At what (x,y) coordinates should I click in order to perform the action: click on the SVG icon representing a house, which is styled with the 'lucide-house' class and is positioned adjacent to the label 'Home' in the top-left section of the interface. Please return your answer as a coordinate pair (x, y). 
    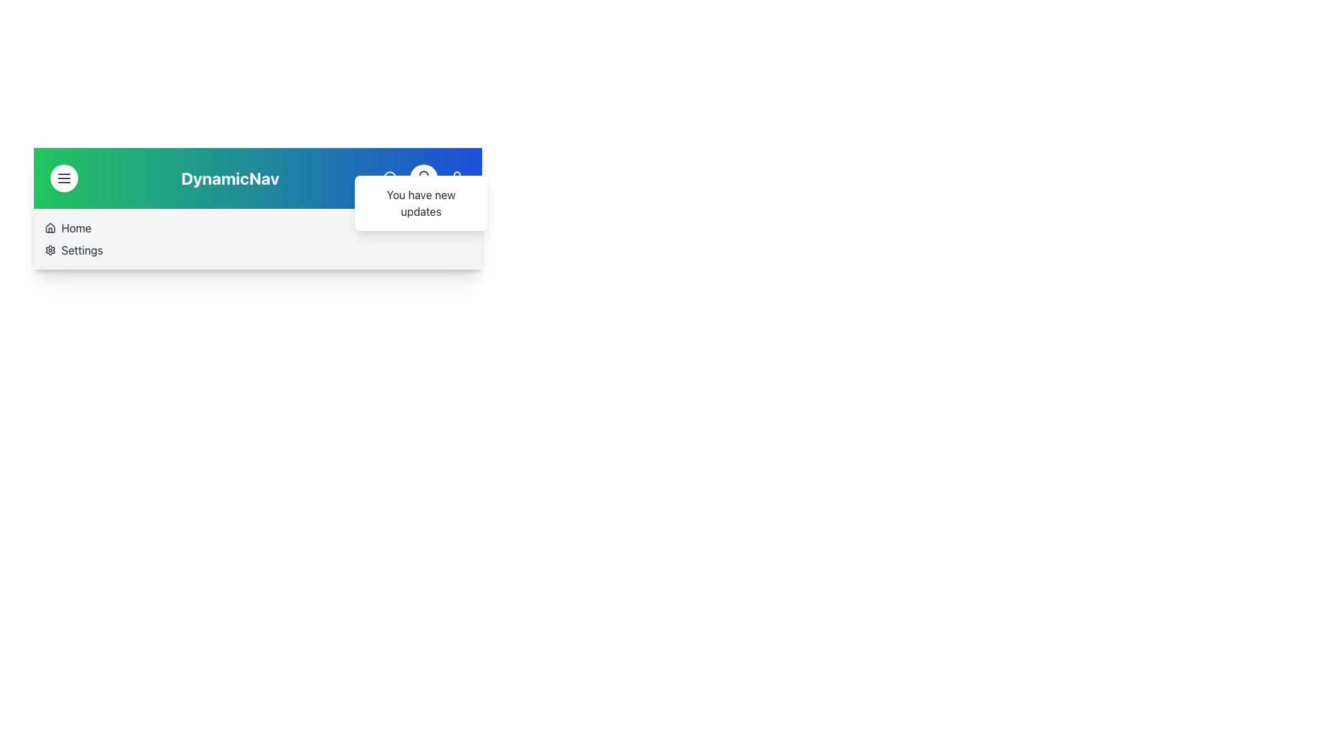
    Looking at the image, I should click on (50, 228).